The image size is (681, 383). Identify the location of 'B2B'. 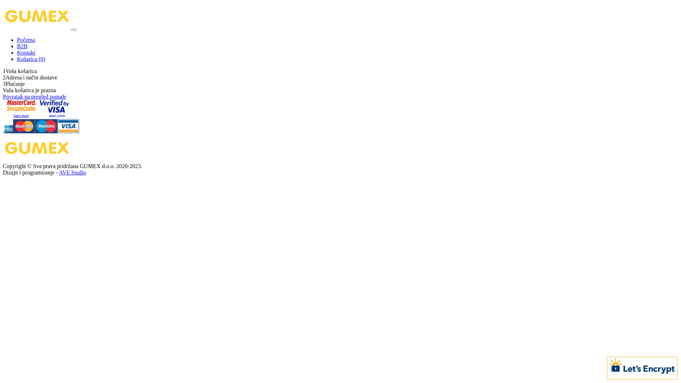
(17, 46).